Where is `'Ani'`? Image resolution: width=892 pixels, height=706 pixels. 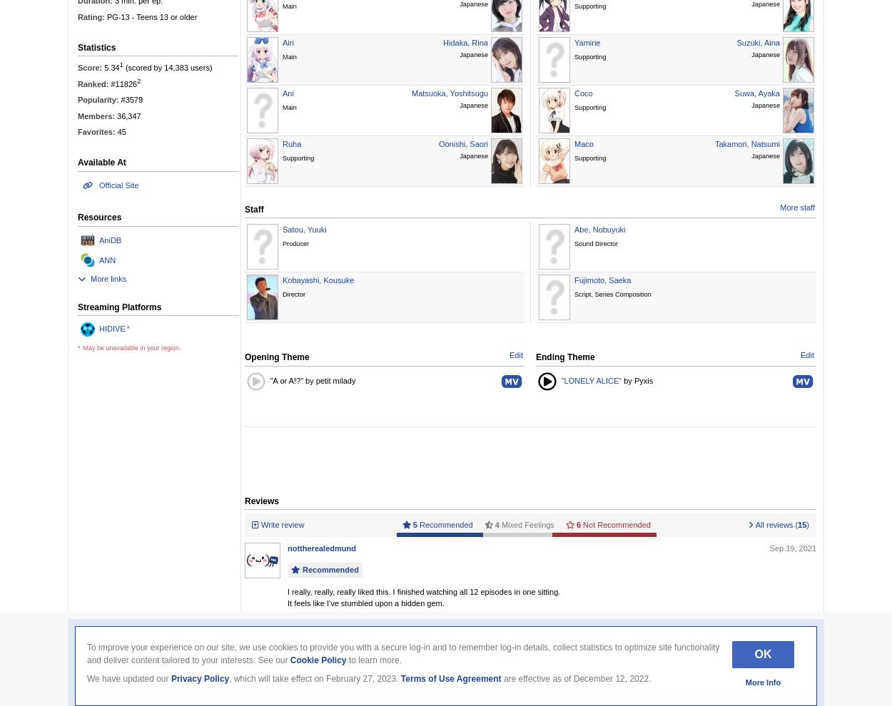 'Ani' is located at coordinates (288, 92).